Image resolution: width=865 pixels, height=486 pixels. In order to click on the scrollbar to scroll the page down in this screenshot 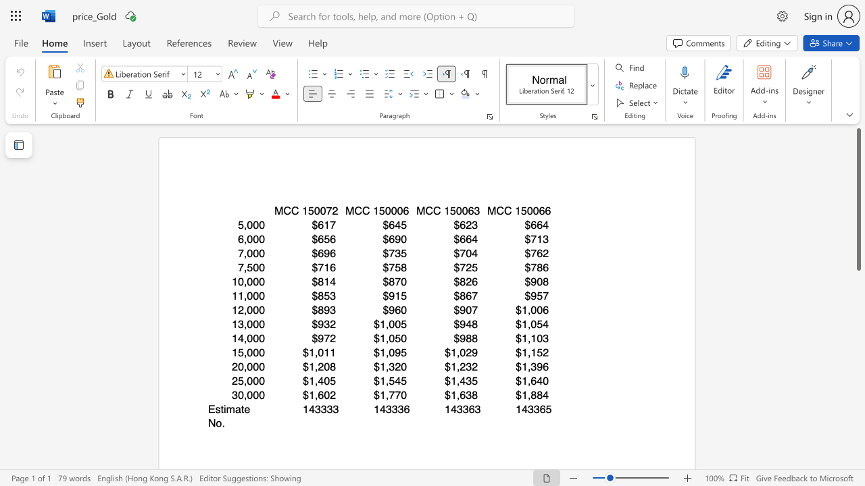, I will do `click(858, 289)`.